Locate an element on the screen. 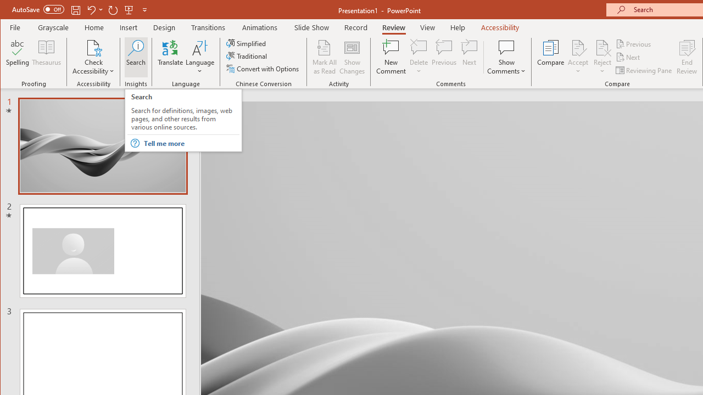  'Mark All as Read' is located at coordinates (324, 57).